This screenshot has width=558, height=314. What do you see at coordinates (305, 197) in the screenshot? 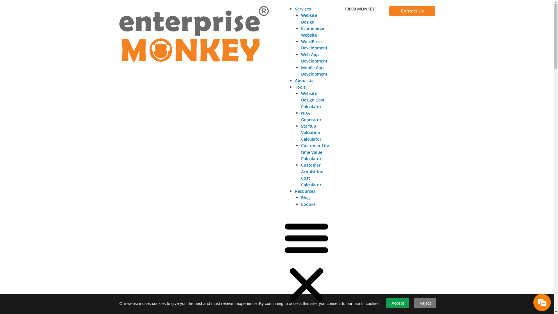
I see `'Blog'` at bounding box center [305, 197].